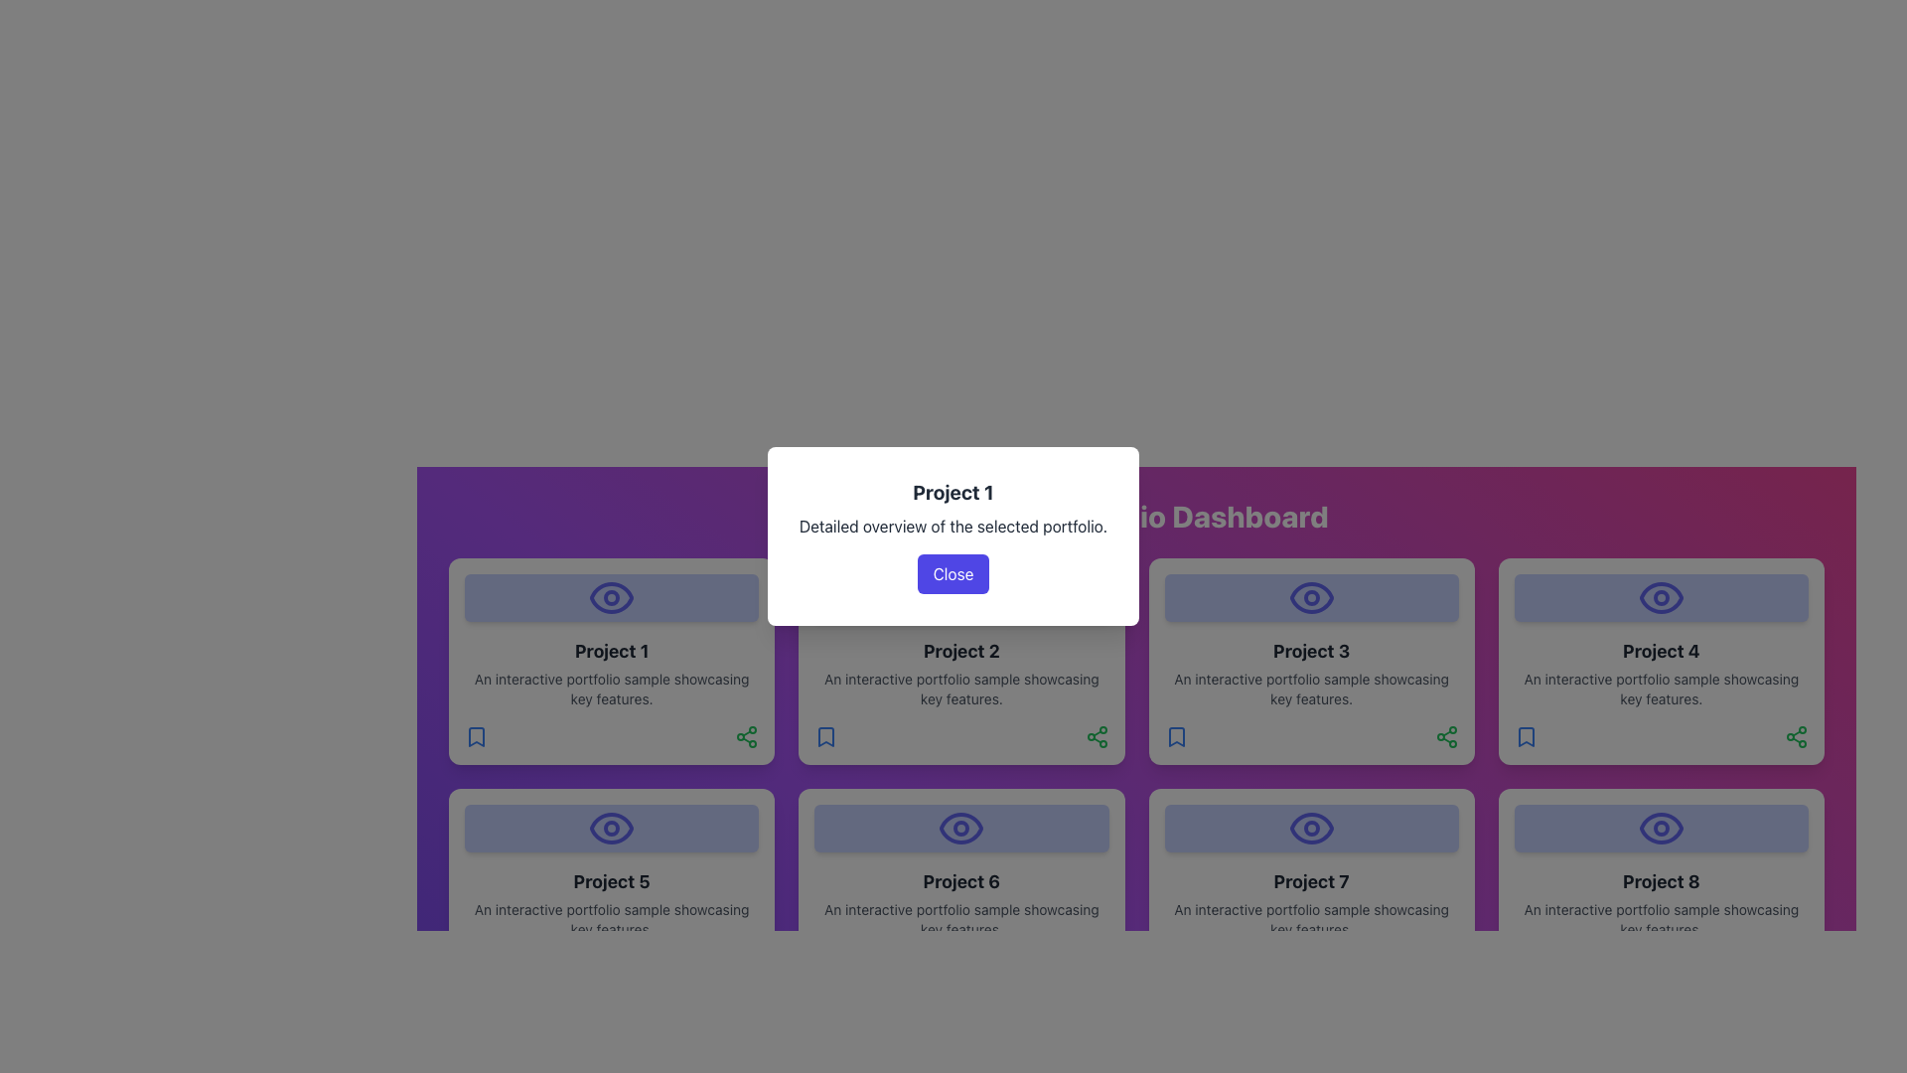 The width and height of the screenshot is (1907, 1073). Describe the element at coordinates (1661, 596) in the screenshot. I see `the 'view' or 'preview' icon for the 'Project 4' card, located at the top center of the card` at that location.